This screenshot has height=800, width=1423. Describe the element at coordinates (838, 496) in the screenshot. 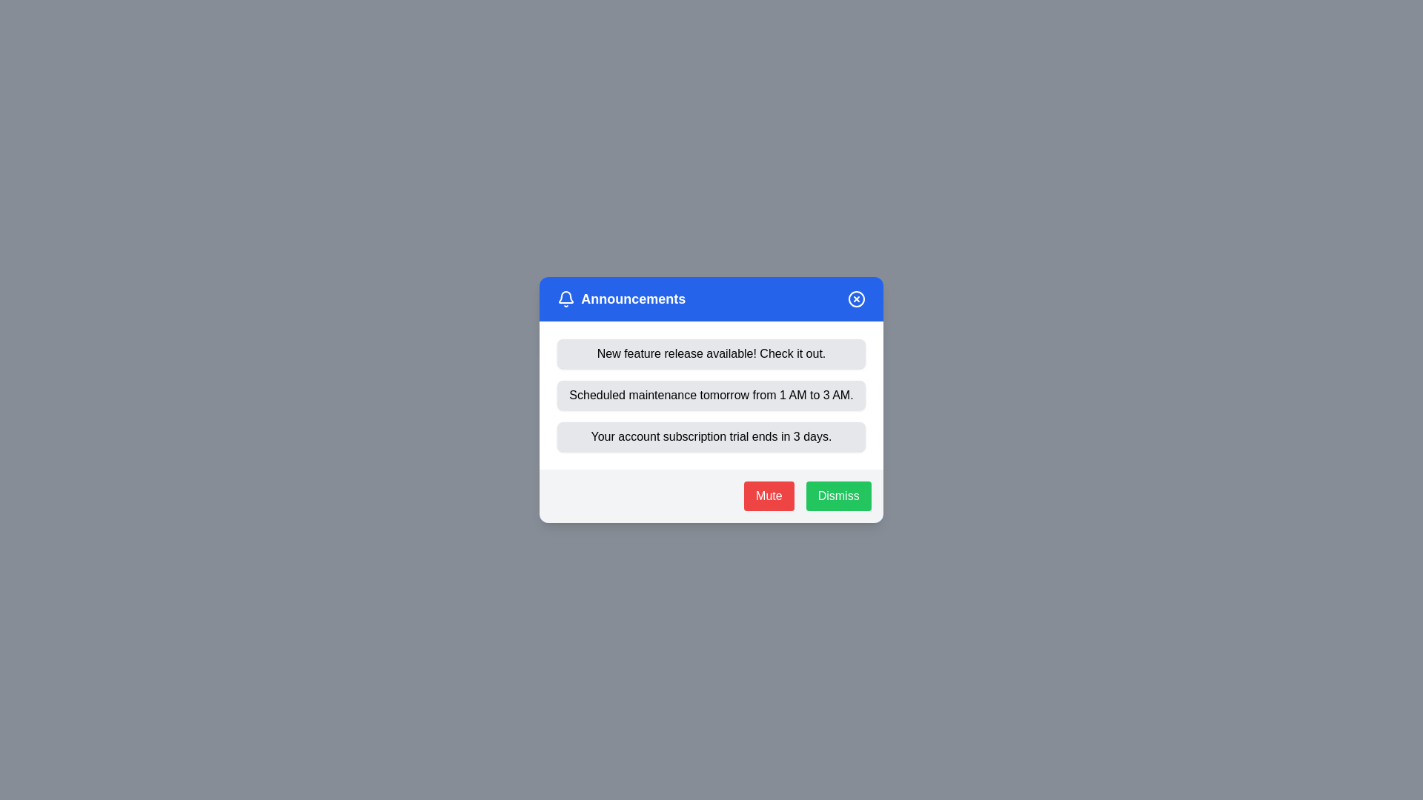

I see `the 'Dismiss' button to close the notification dialog` at that location.